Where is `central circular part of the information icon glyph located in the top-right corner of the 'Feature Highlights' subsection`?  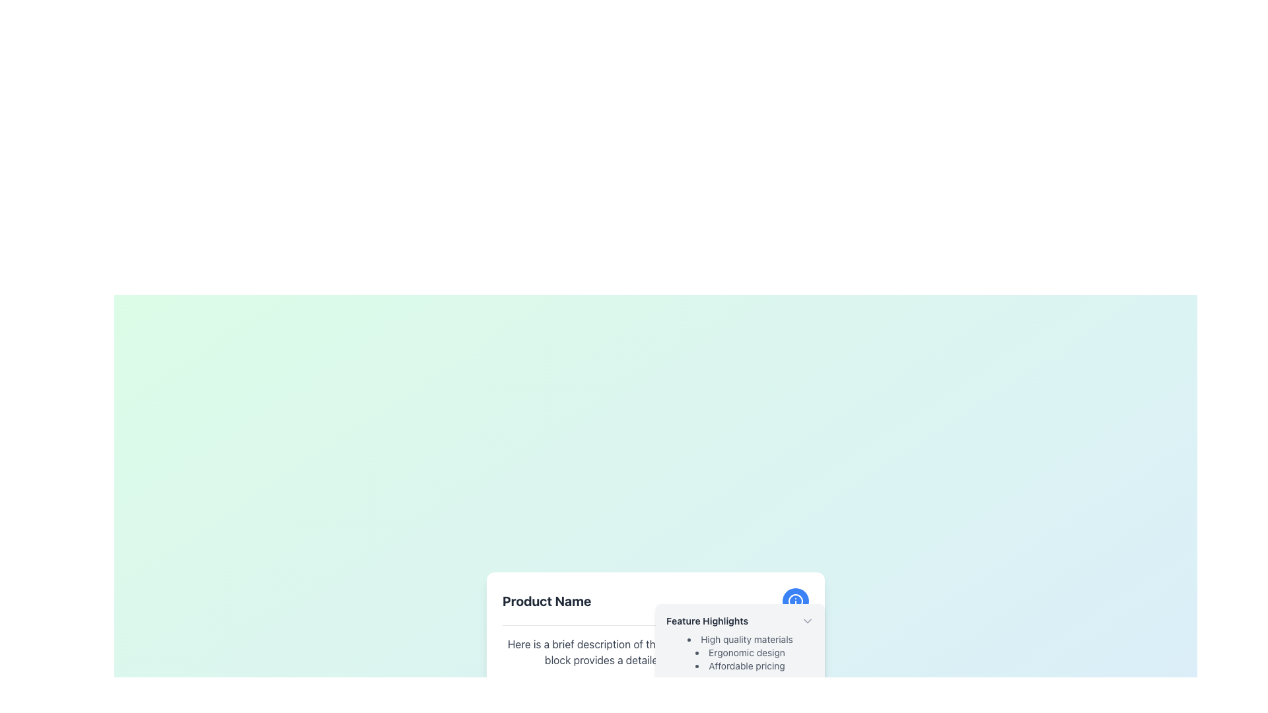
central circular part of the information icon glyph located in the top-right corner of the 'Feature Highlights' subsection is located at coordinates (794, 601).